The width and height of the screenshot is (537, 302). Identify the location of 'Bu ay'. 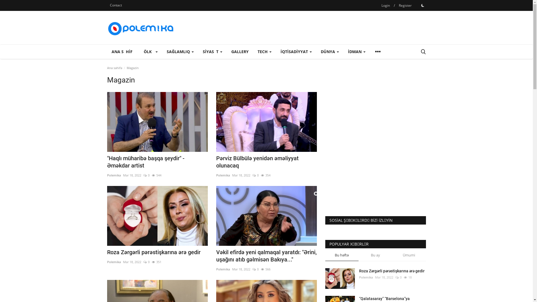
(375, 256).